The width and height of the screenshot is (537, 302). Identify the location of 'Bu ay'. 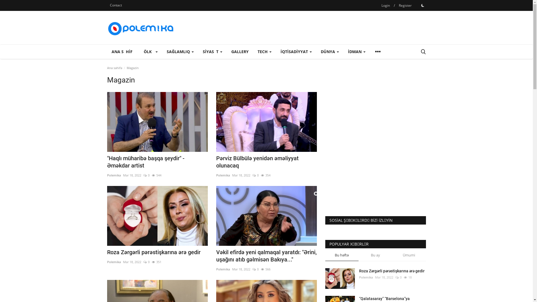
(375, 256).